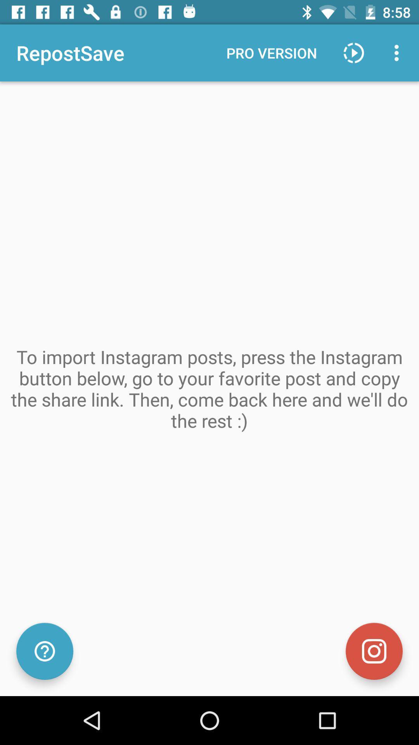 This screenshot has height=745, width=419. I want to click on icon above to import instagram item, so click(353, 52).